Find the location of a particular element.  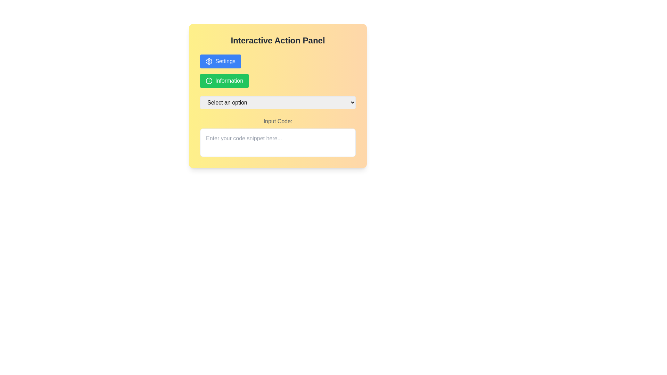

the 'Settings' icon located in the first button of the vertical stack on the left side of the interactive panel is located at coordinates (208, 61).